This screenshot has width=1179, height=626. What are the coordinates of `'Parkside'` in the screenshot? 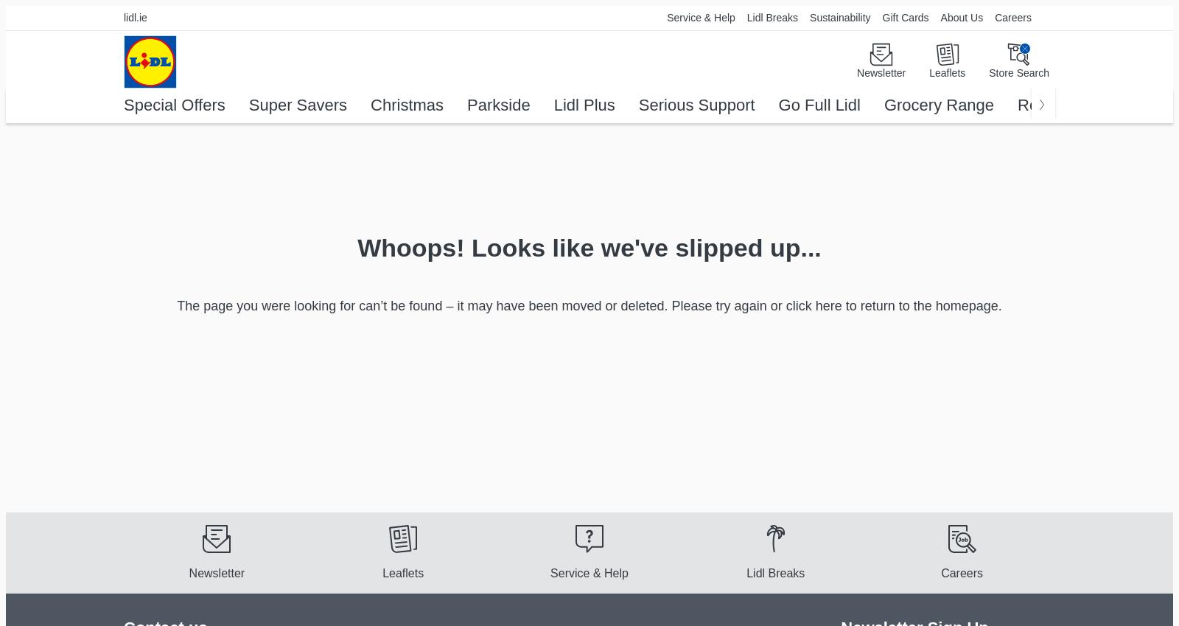 It's located at (498, 105).